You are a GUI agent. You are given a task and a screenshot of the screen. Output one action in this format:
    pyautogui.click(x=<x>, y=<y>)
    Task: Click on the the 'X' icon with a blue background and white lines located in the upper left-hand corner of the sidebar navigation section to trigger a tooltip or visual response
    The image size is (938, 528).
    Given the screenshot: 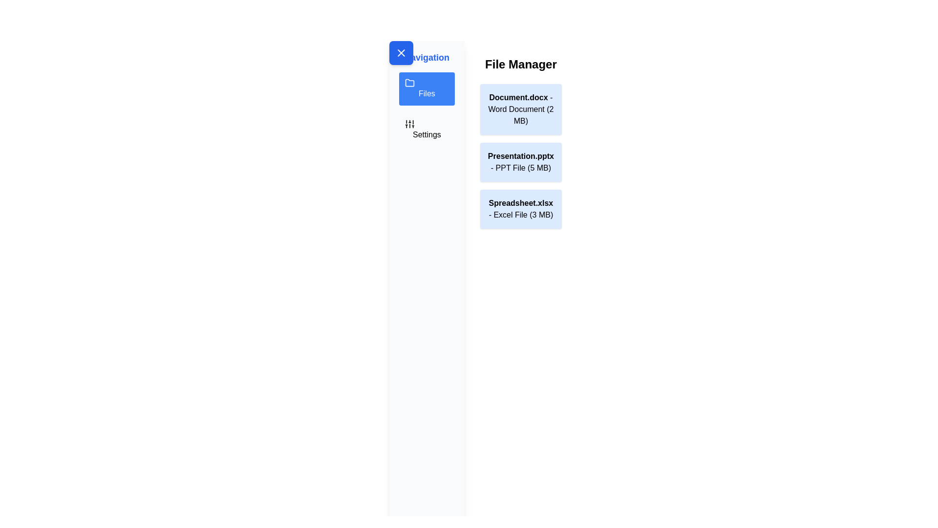 What is the action you would take?
    pyautogui.click(x=401, y=53)
    